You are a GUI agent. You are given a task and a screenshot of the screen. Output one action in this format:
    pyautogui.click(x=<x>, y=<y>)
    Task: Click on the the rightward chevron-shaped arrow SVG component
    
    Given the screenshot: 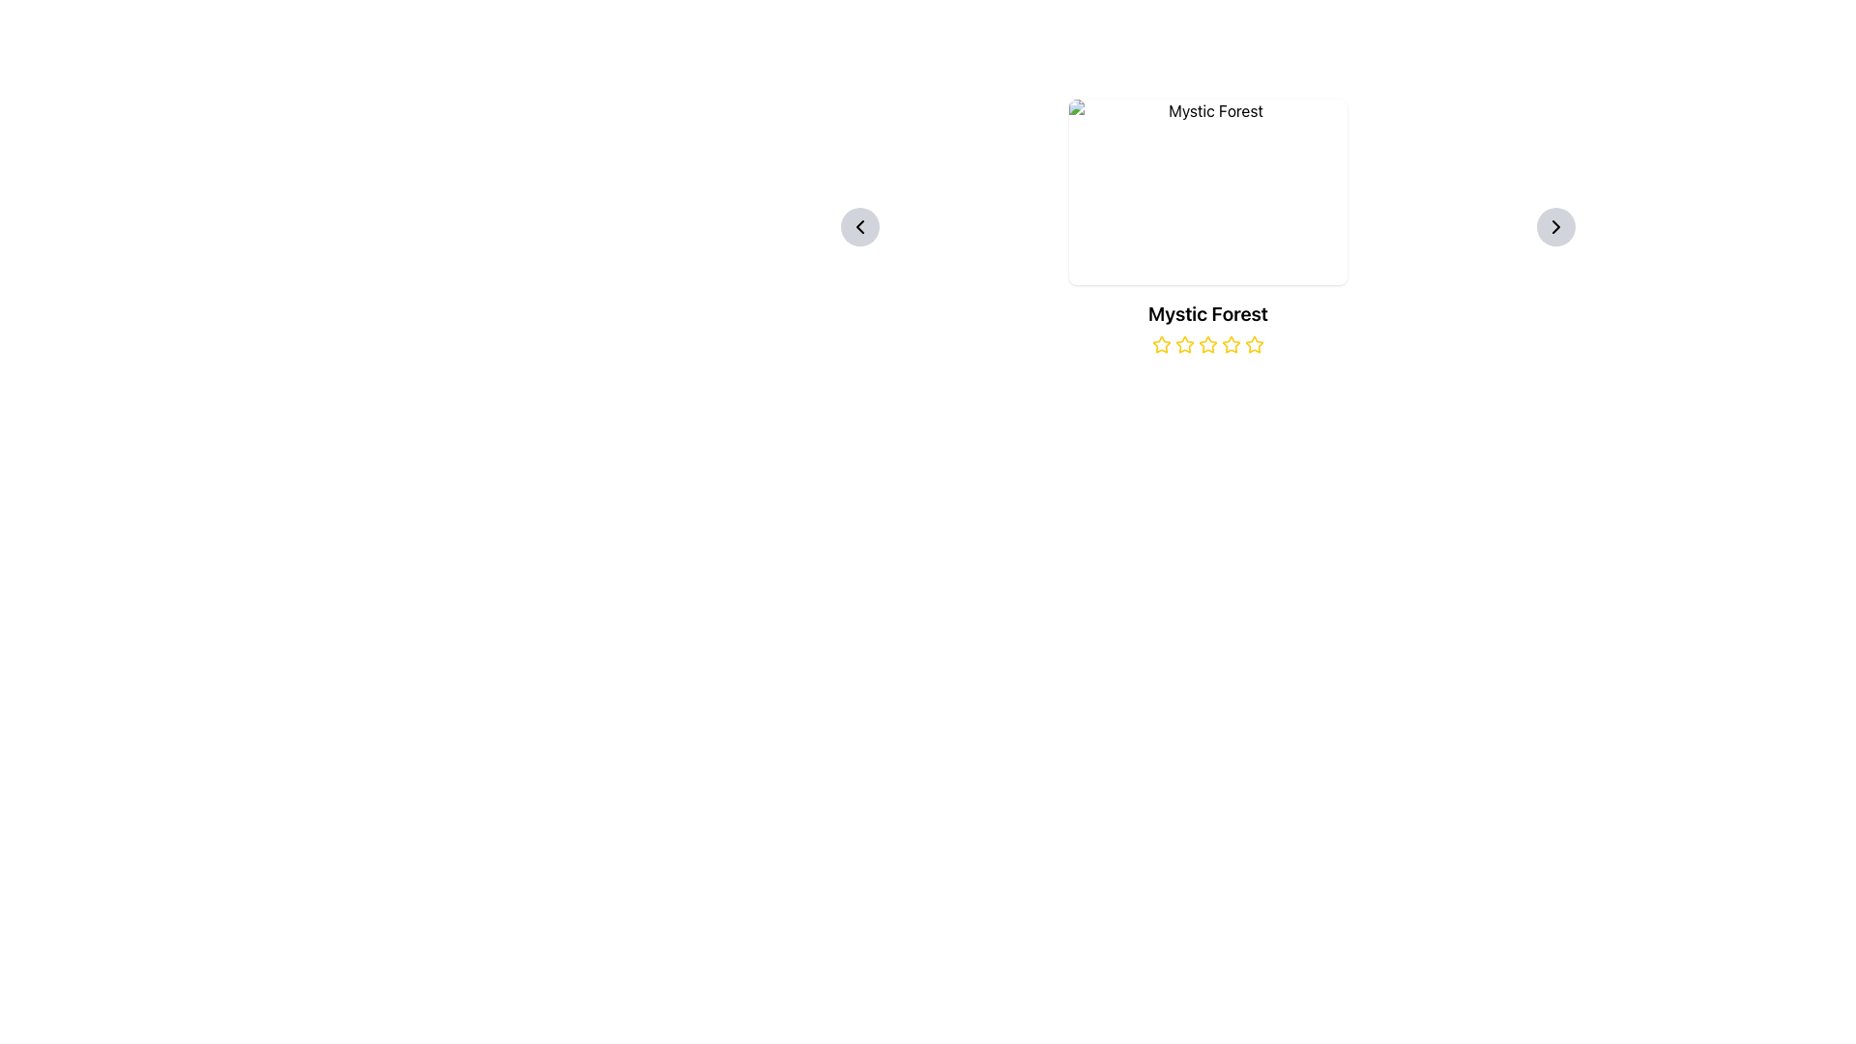 What is the action you would take?
    pyautogui.click(x=1555, y=226)
    